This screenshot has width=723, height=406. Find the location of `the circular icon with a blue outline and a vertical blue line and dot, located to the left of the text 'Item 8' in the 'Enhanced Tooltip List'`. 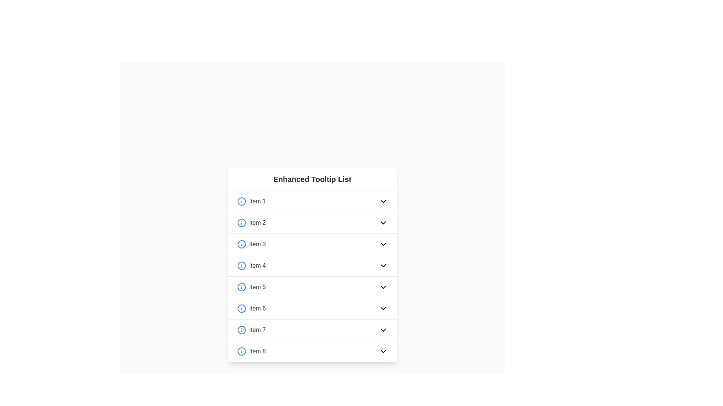

the circular icon with a blue outline and a vertical blue line and dot, located to the left of the text 'Item 8' in the 'Enhanced Tooltip List' is located at coordinates (241, 351).